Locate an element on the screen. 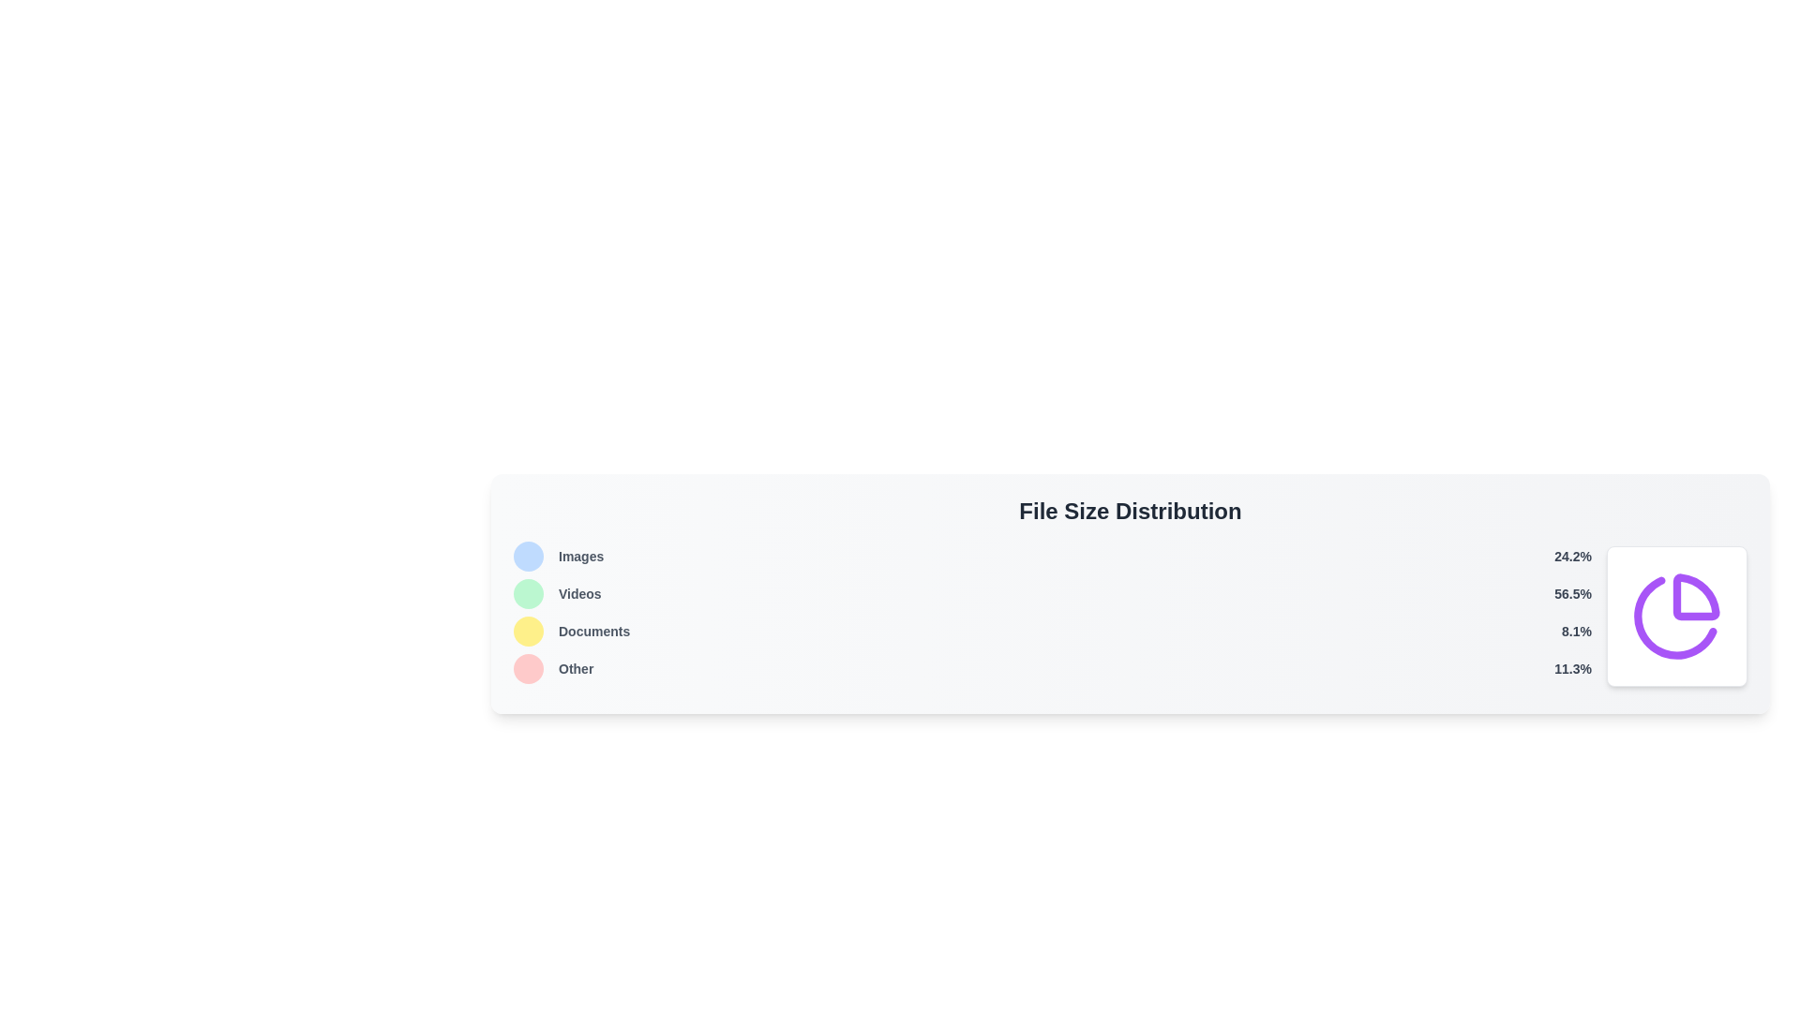 Image resolution: width=1800 pixels, height=1012 pixels. the 'Other' text label is located at coordinates (575, 667).